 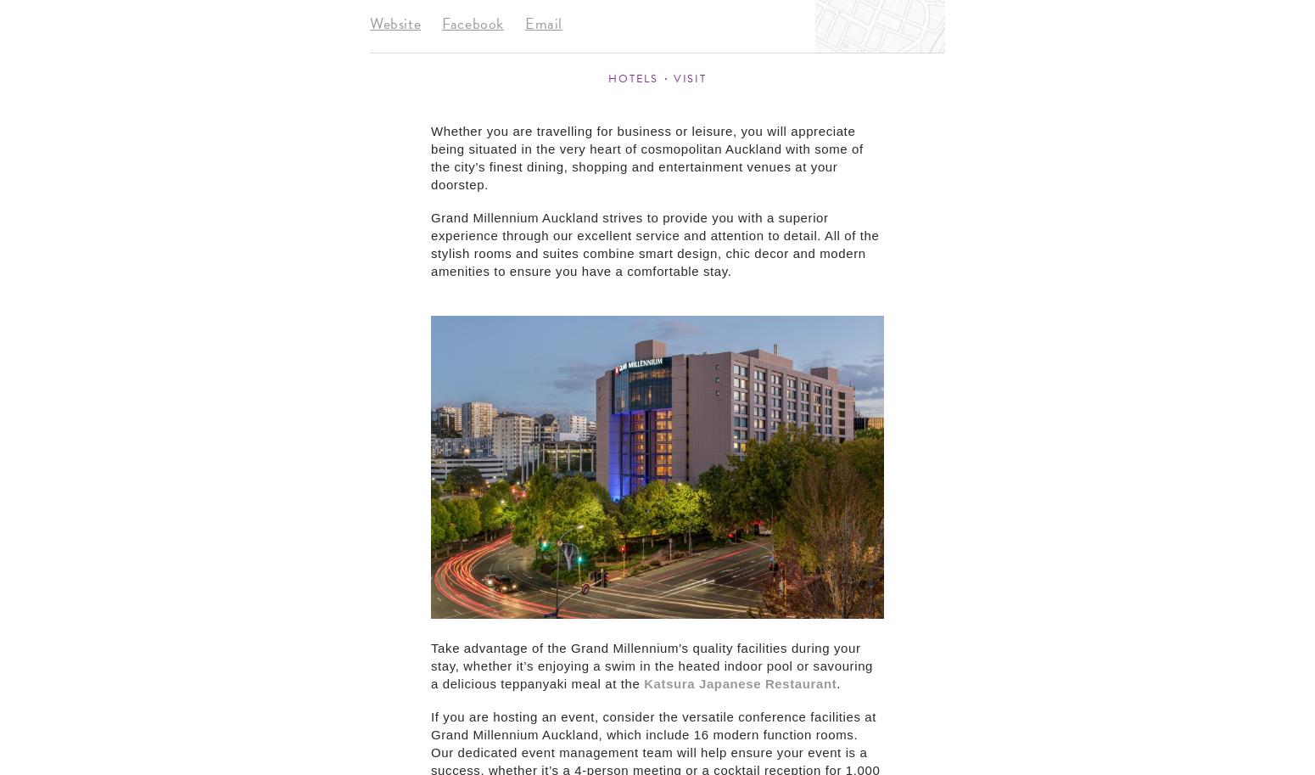 I want to click on 'Dining', so click(x=1015, y=180).